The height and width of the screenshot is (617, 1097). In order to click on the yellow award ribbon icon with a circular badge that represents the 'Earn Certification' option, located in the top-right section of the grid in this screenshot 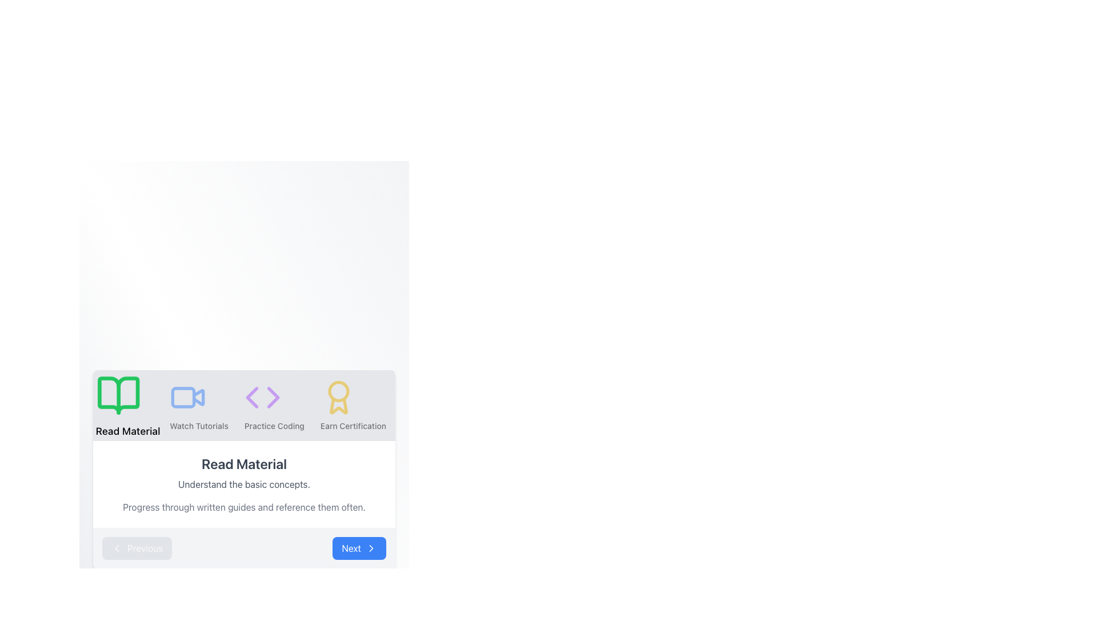, I will do `click(338, 396)`.